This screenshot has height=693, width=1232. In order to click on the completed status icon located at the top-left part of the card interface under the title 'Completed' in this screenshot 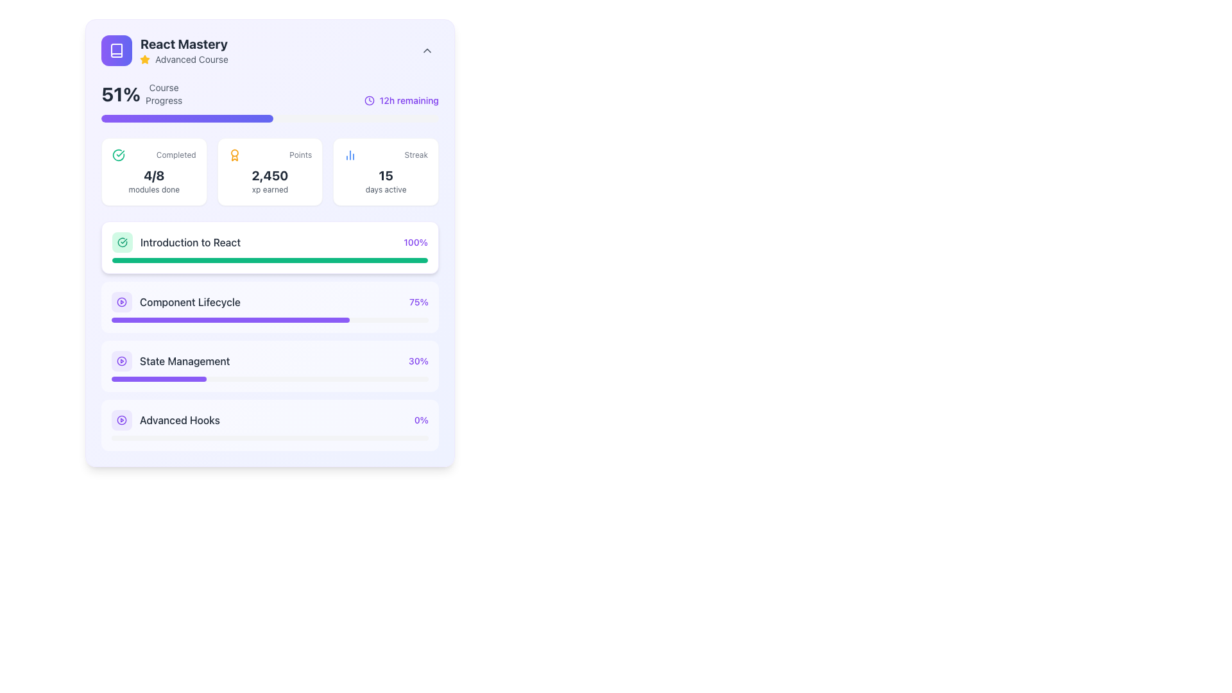, I will do `click(119, 155)`.